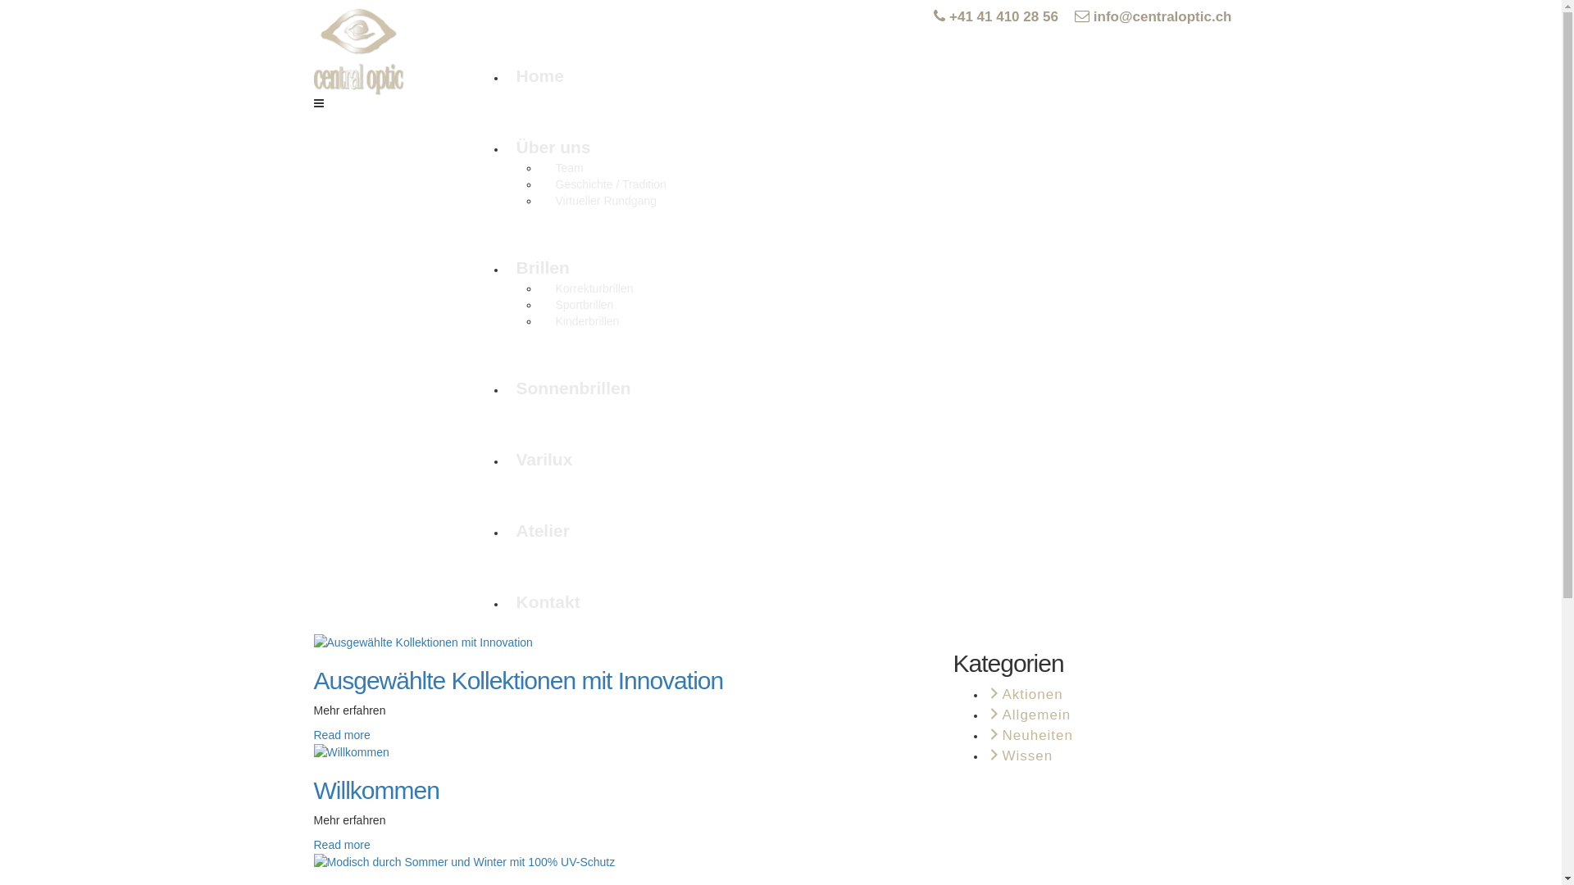 Image resolution: width=1574 pixels, height=885 pixels. What do you see at coordinates (340, 734) in the screenshot?
I see `'Read more'` at bounding box center [340, 734].